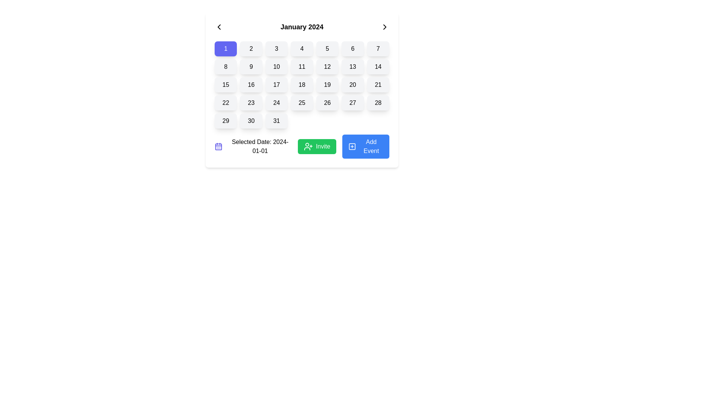  What do you see at coordinates (317, 146) in the screenshot?
I see `the green 'Invite' button with a user icon to initiate the invite function` at bounding box center [317, 146].